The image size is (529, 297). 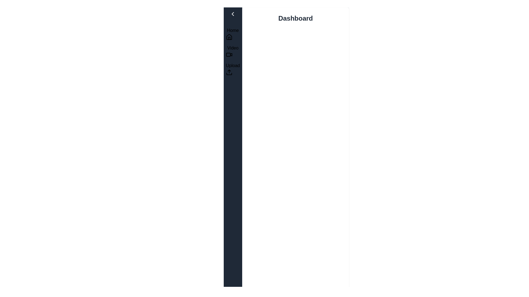 I want to click on the 'Video' menu item, the second item in the vertical sidebar menu, to possibly display additional details, so click(x=233, y=51).